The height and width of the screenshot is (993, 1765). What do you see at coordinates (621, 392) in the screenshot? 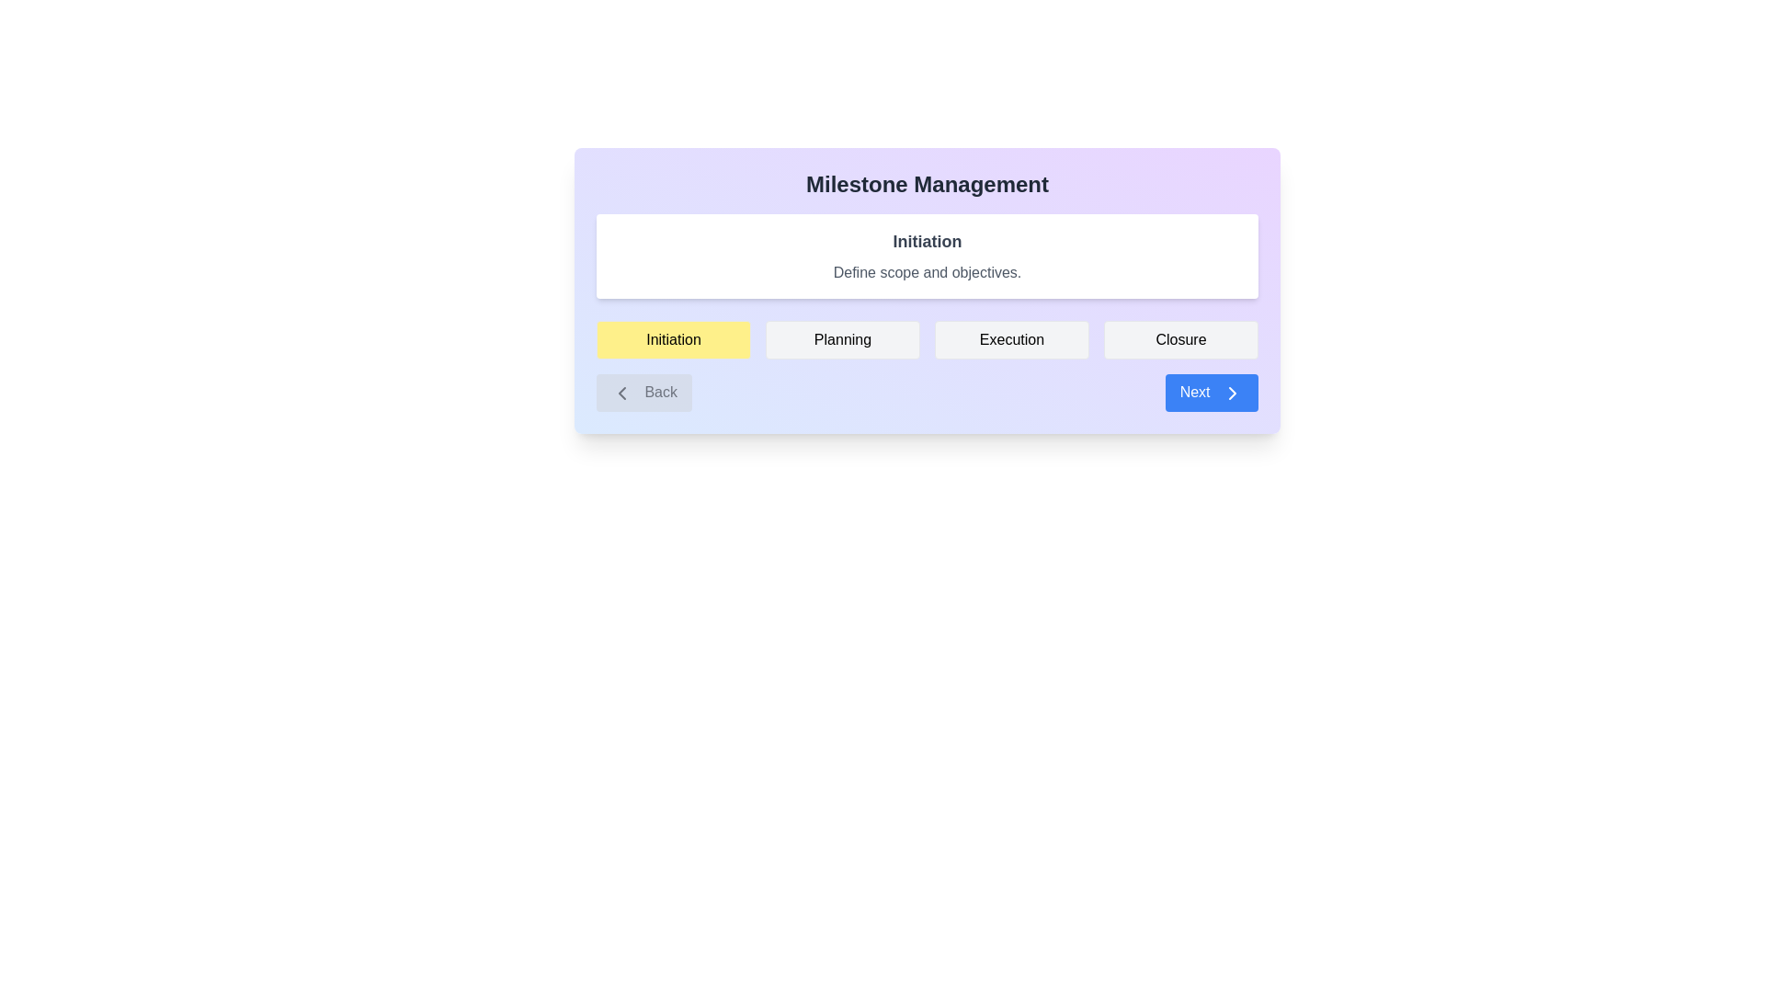
I see `the leftward-facing chevron arrow icon with the text 'Back' in the bottom left region of the 'Milestone Management' panel` at bounding box center [621, 392].